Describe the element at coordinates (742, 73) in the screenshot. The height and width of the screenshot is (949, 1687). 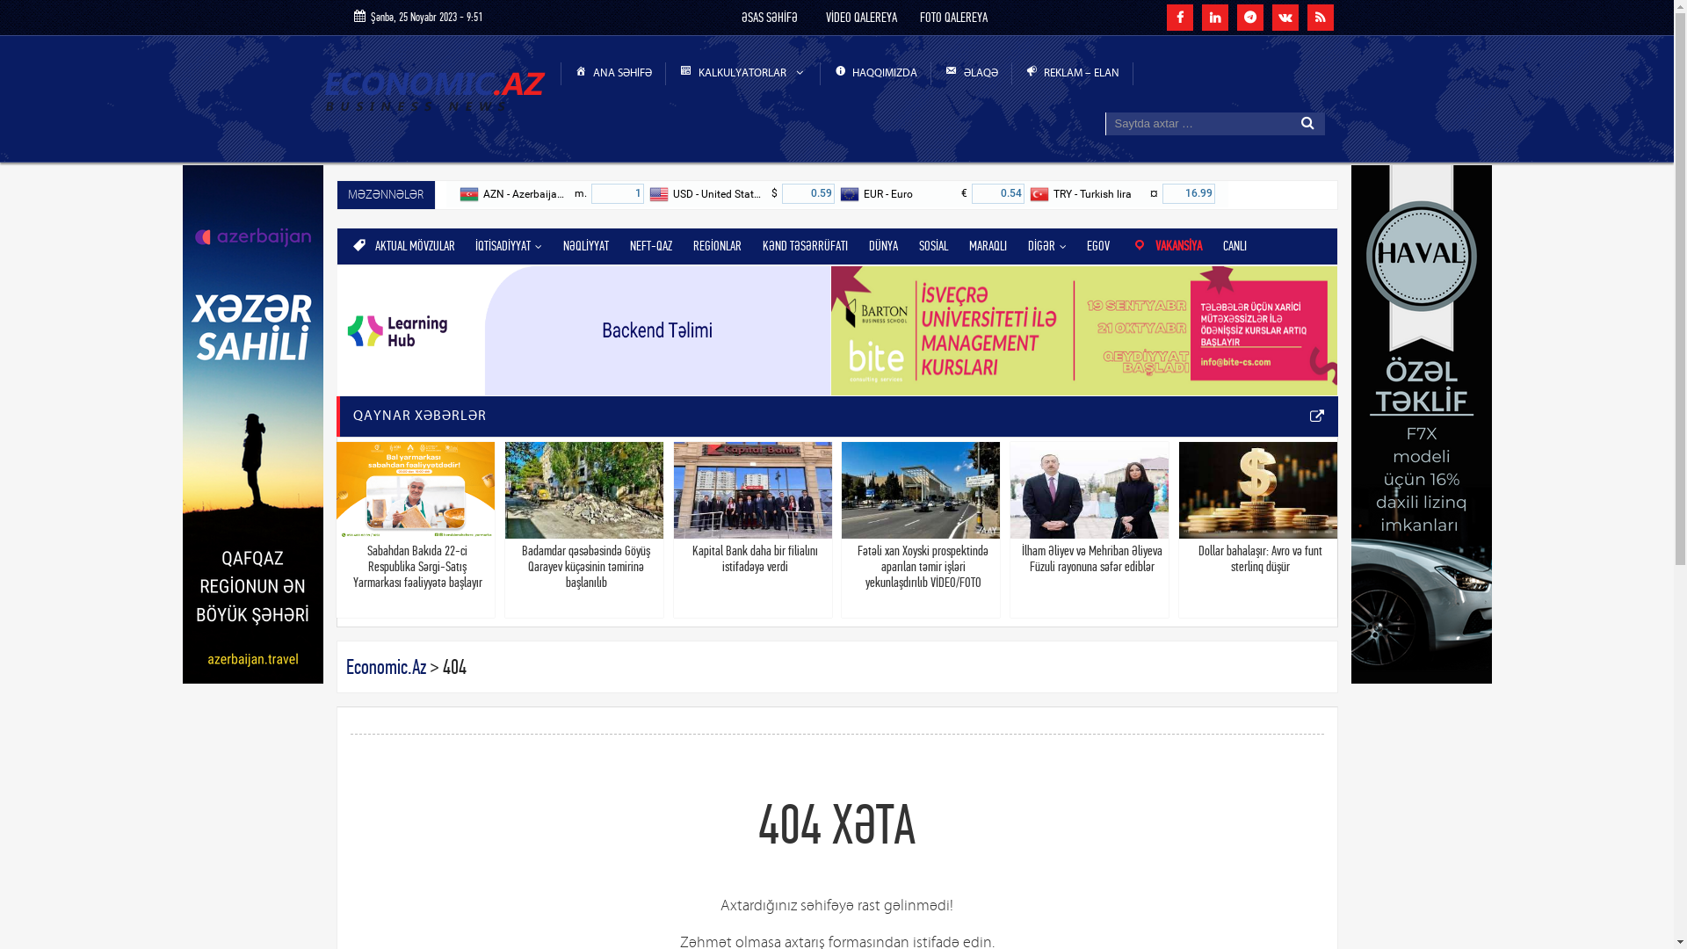
I see `'KALKULYATORLAR'` at that location.